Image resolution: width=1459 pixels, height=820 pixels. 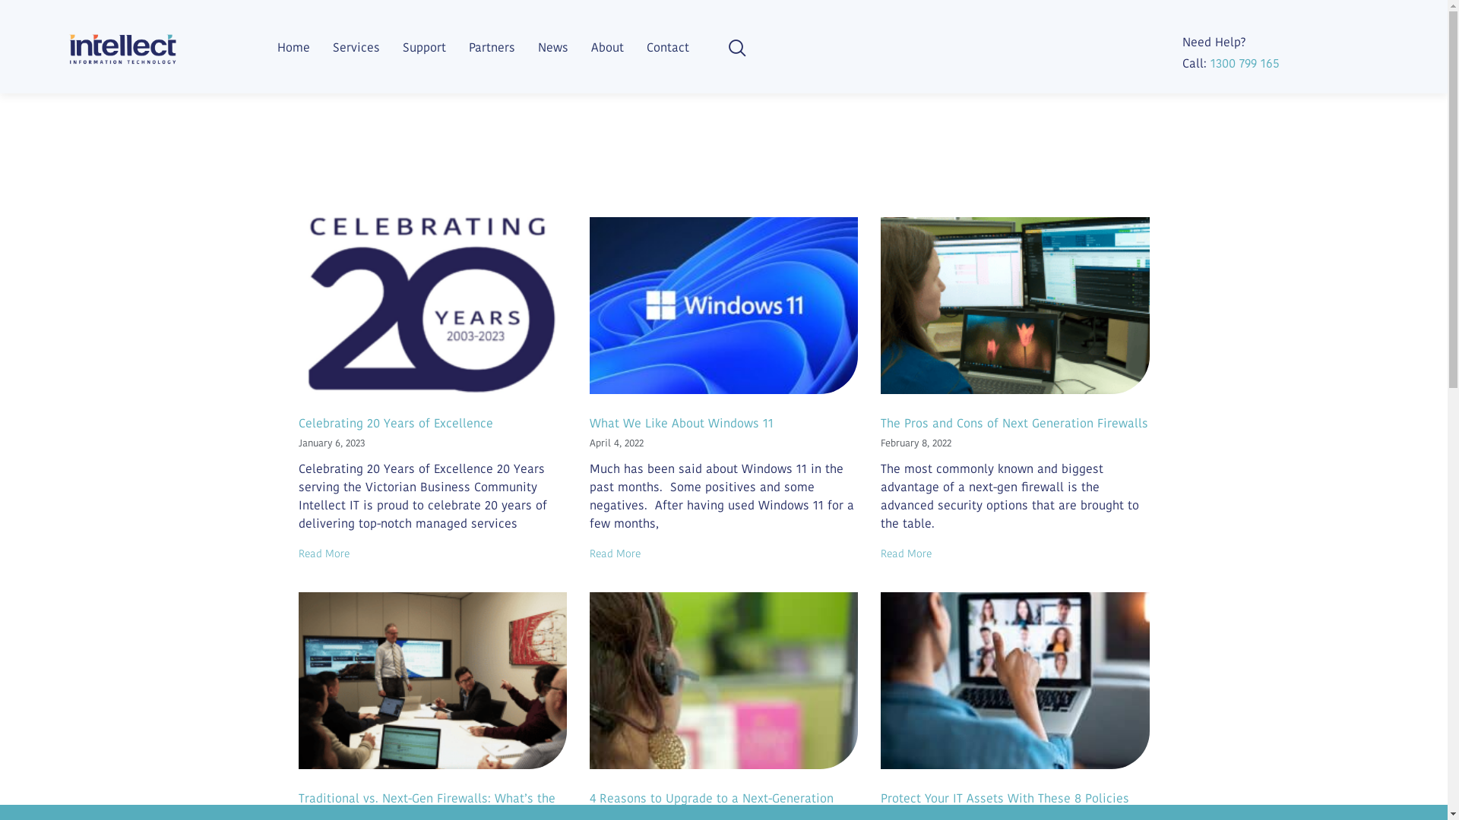 What do you see at coordinates (356, 46) in the screenshot?
I see `'Services'` at bounding box center [356, 46].